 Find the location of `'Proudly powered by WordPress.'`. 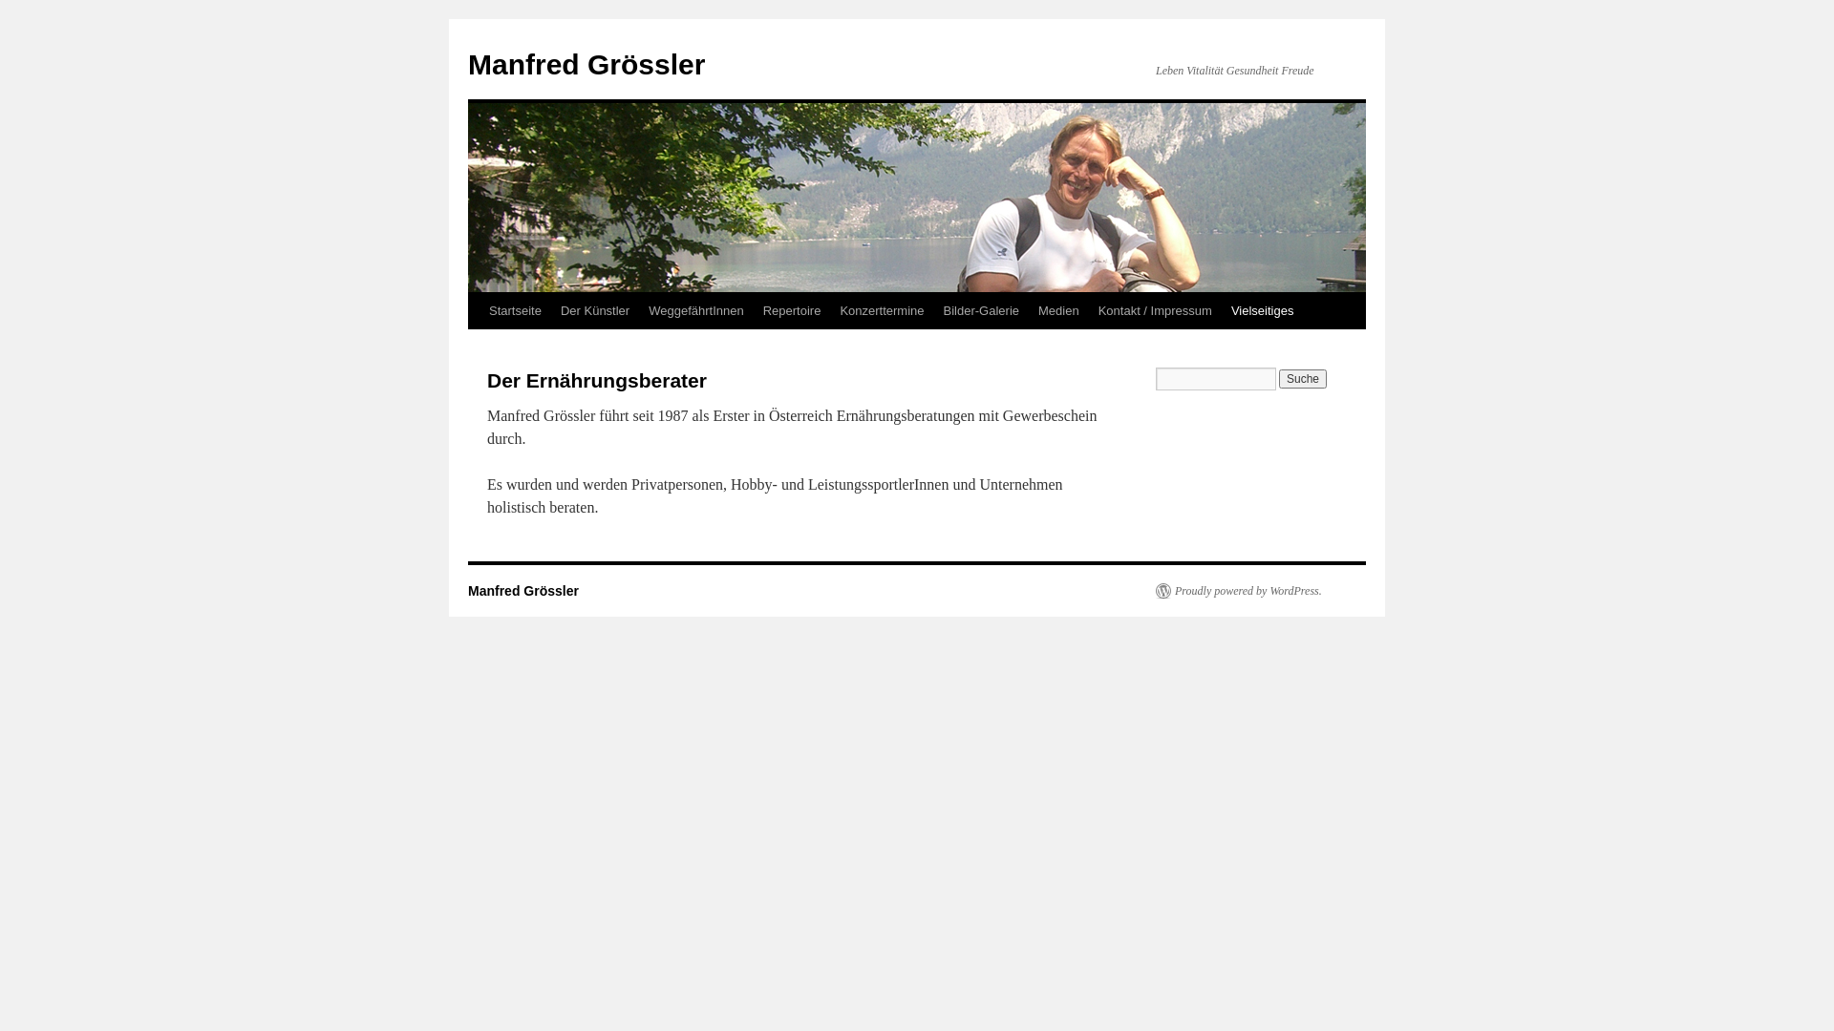

'Proudly powered by WordPress.' is located at coordinates (1238, 589).